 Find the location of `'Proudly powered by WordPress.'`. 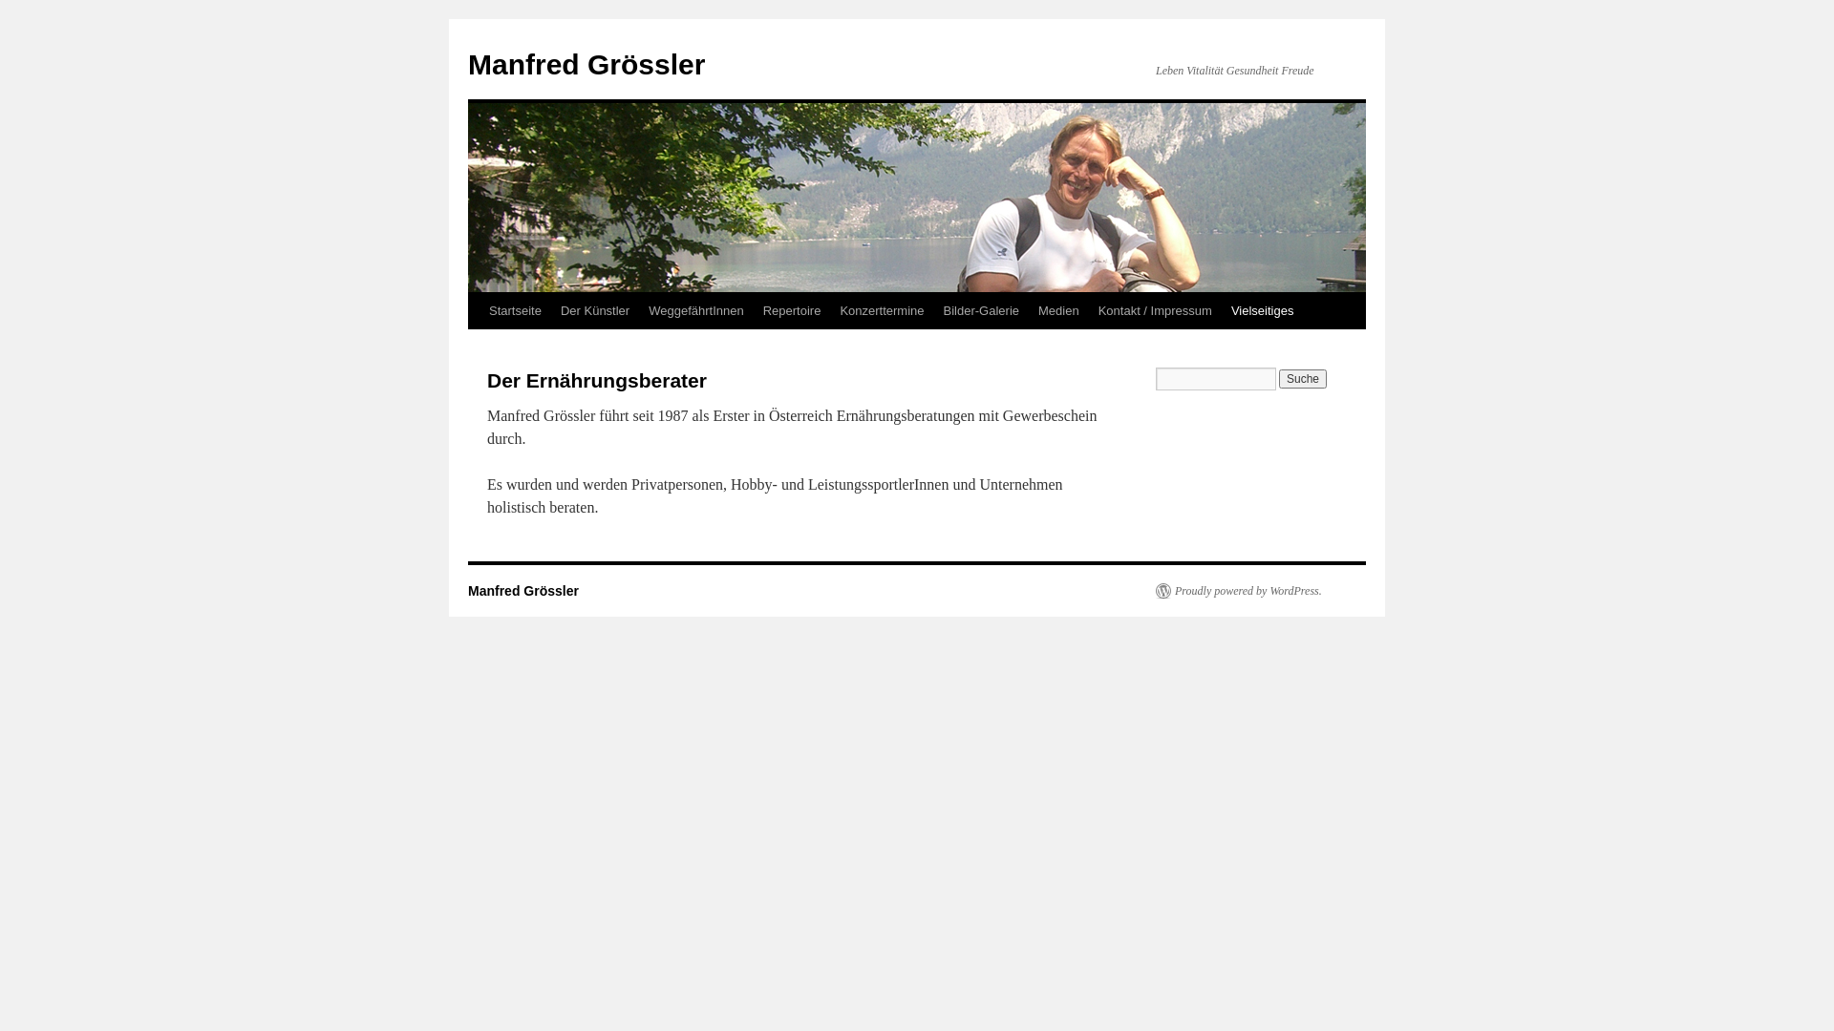

'Proudly powered by WordPress.' is located at coordinates (1238, 589).